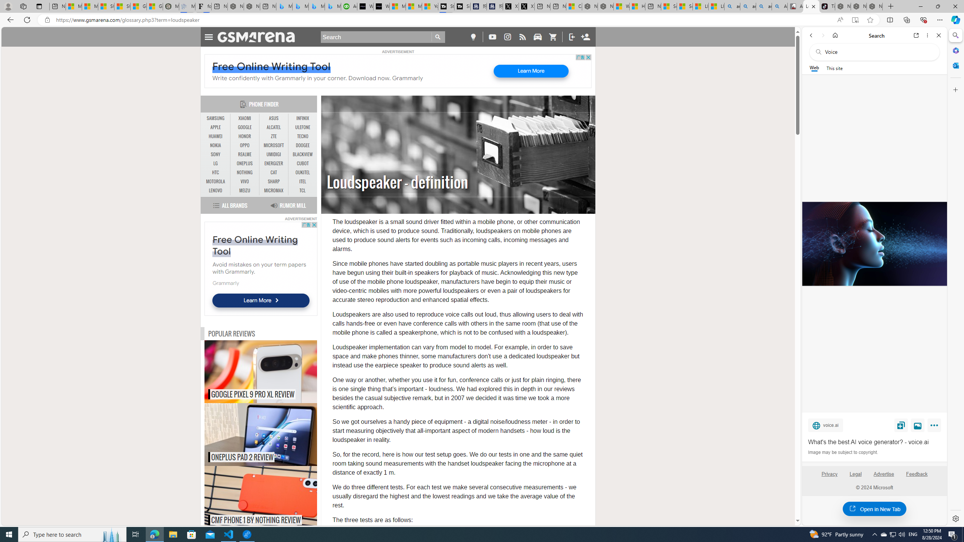 Image resolution: width=964 pixels, height=542 pixels. I want to click on 'Avoid mistakes on your term papers with Grammarly.', so click(259, 268).